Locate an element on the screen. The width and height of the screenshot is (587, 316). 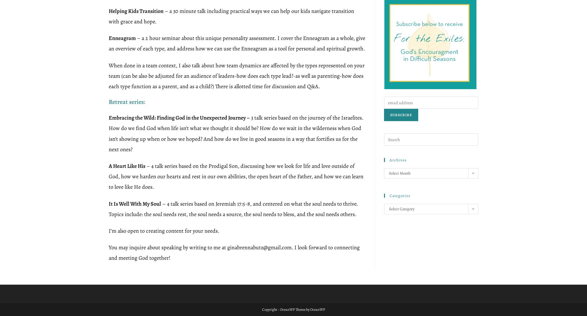
'Retreat series:' is located at coordinates (127, 101).